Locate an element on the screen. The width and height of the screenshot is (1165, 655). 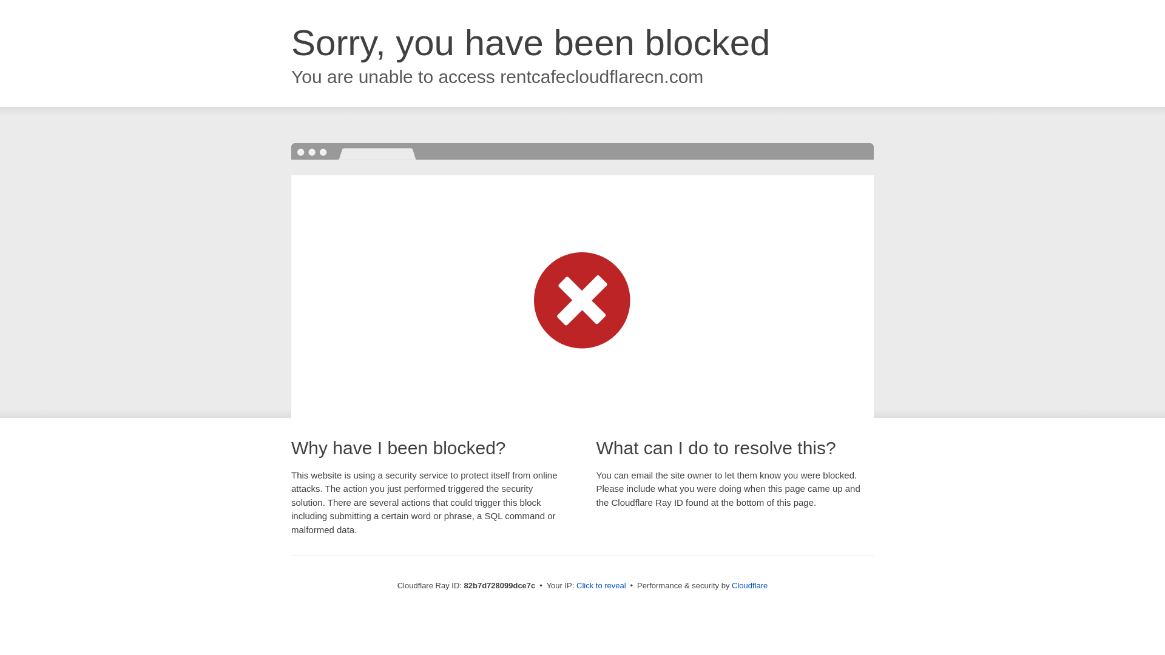
'Click to reveal' is located at coordinates (601, 585).